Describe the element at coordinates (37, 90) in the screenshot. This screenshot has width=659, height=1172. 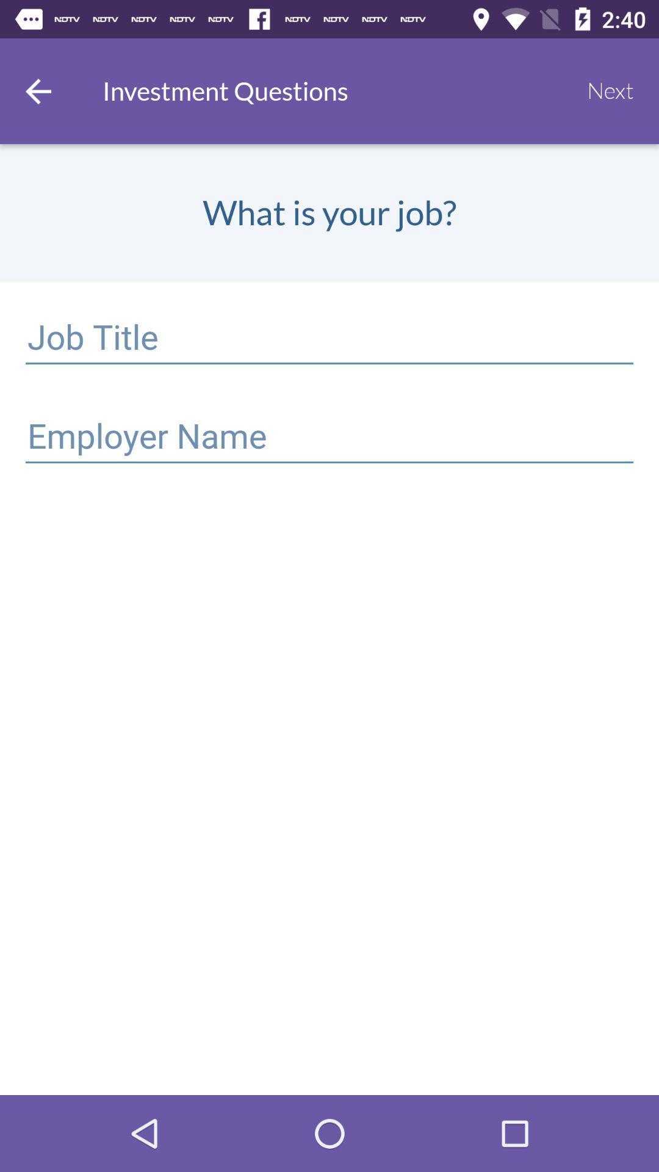
I see `the item next to investment questions item` at that location.